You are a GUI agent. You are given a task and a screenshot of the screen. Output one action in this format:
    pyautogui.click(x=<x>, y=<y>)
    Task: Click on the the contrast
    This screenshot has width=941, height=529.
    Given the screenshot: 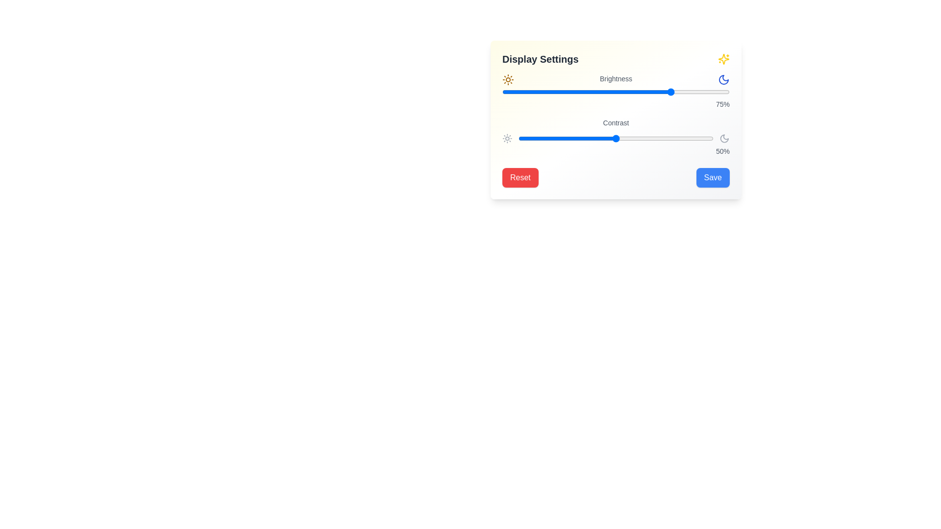 What is the action you would take?
    pyautogui.click(x=637, y=138)
    